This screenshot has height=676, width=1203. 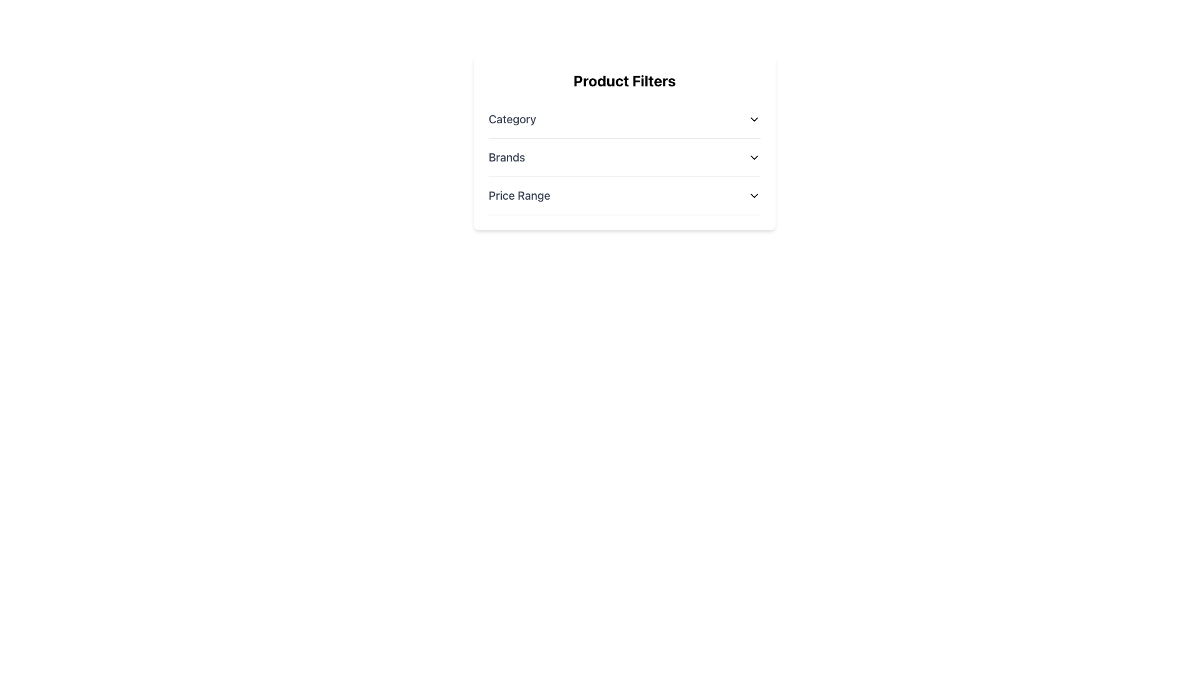 I want to click on the 'Category' dropdown menu, so click(x=625, y=120).